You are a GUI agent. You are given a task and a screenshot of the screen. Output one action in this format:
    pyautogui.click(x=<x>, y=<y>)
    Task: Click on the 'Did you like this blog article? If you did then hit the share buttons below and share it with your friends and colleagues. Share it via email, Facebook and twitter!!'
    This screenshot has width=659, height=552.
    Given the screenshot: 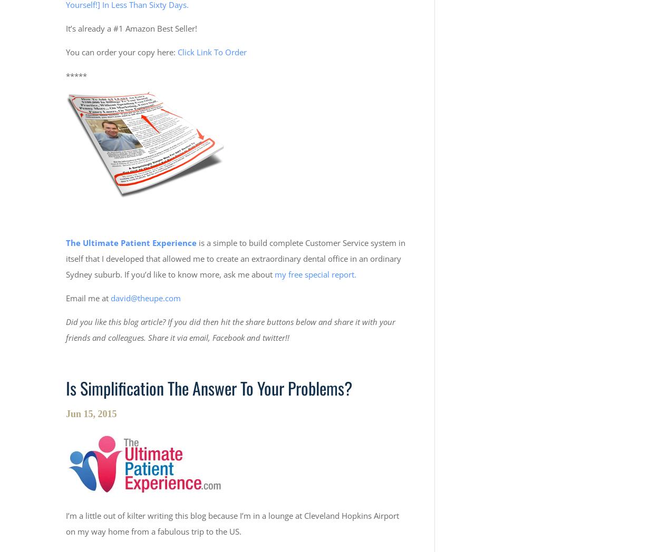 What is the action you would take?
    pyautogui.click(x=230, y=329)
    